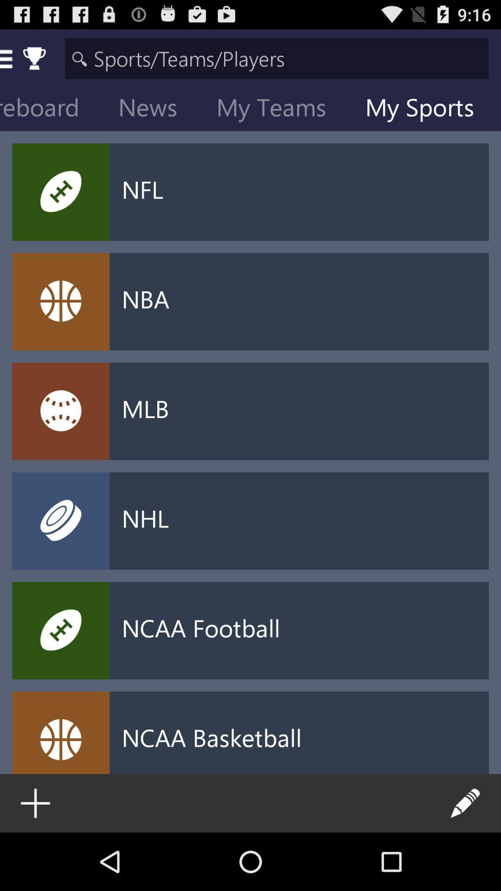  I want to click on the scoreboard item, so click(53, 109).